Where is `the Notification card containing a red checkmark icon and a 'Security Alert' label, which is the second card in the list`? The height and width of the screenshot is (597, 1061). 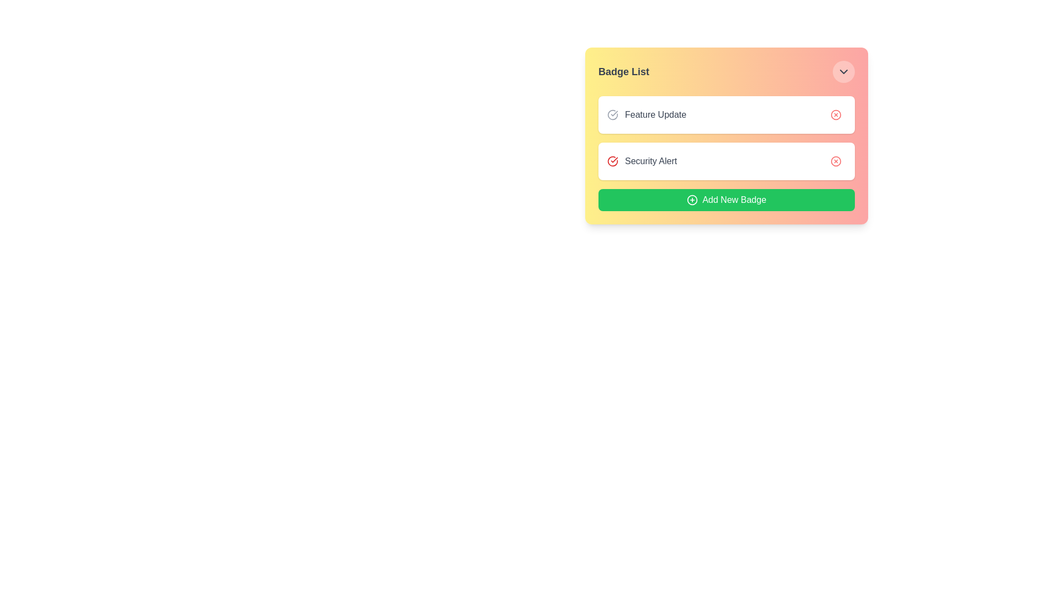
the Notification card containing a red checkmark icon and a 'Security Alert' label, which is the second card in the list is located at coordinates (727, 161).